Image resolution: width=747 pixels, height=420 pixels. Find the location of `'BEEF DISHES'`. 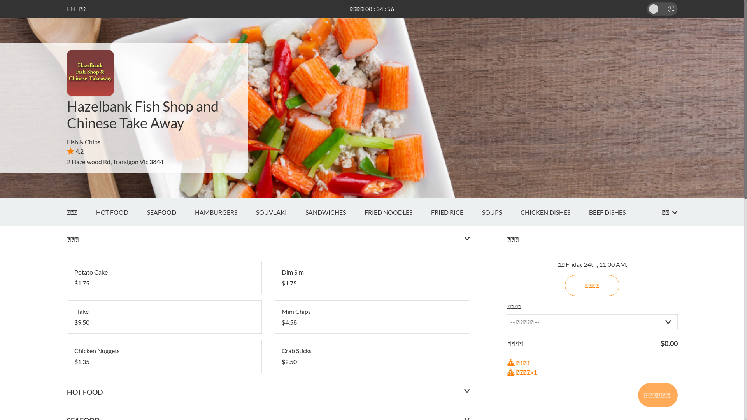

'BEEF DISHES' is located at coordinates (616, 212).